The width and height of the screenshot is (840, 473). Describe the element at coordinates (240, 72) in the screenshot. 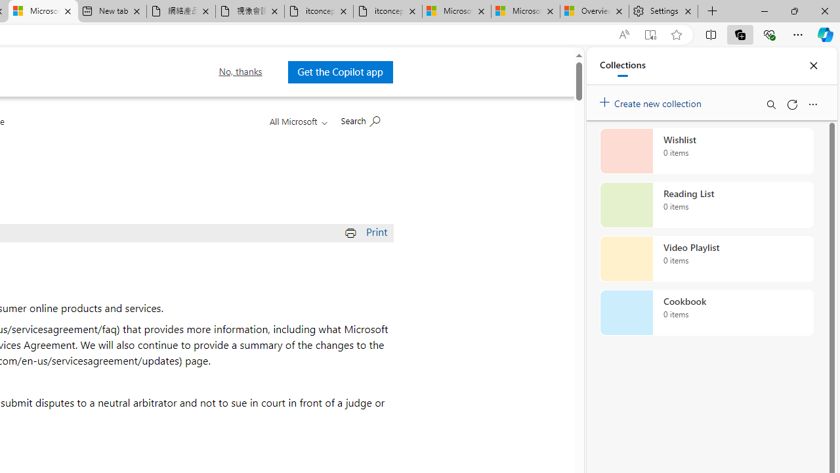

I see `'No, thanks'` at that location.